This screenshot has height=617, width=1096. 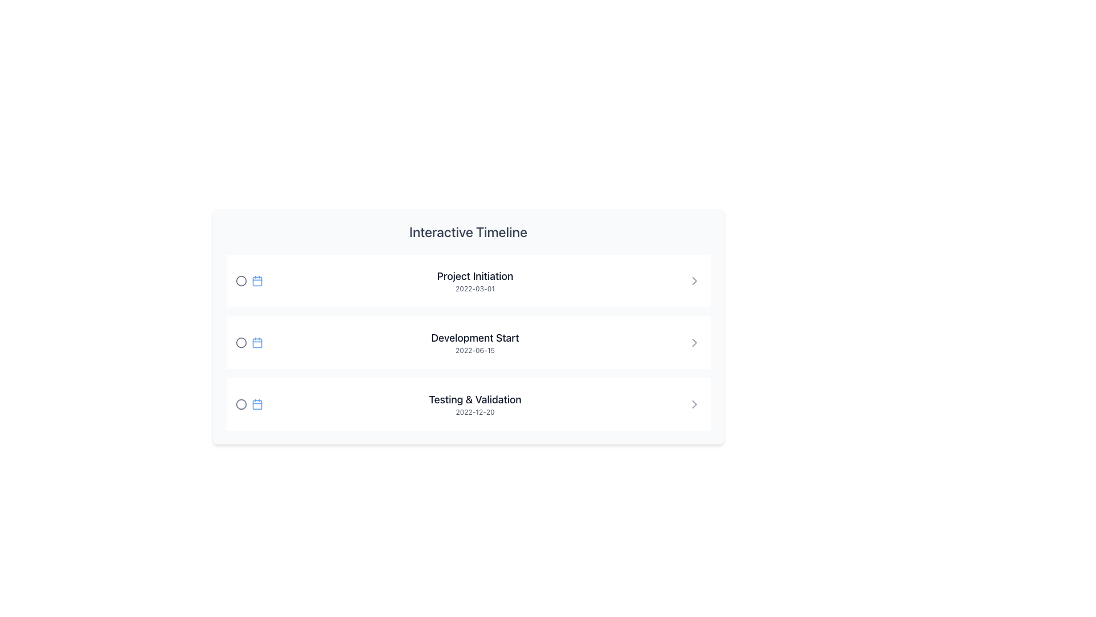 What do you see at coordinates (694, 404) in the screenshot?
I see `the chevron icon positioned at the far right side of the third item labeled 'Testing & Validation 2022-12-20'` at bounding box center [694, 404].